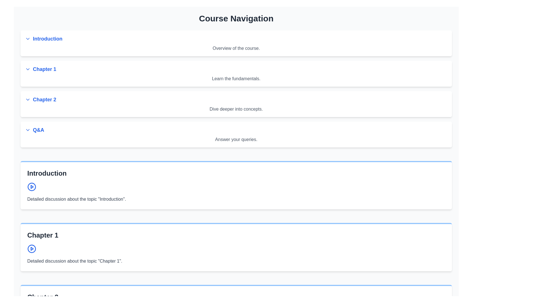 The height and width of the screenshot is (304, 540). Describe the element at coordinates (48, 39) in the screenshot. I see `the 'Introduction' text label in the navigation menu` at that location.